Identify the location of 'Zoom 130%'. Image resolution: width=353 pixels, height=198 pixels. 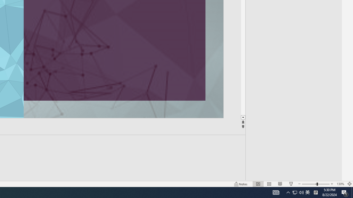
(340, 184).